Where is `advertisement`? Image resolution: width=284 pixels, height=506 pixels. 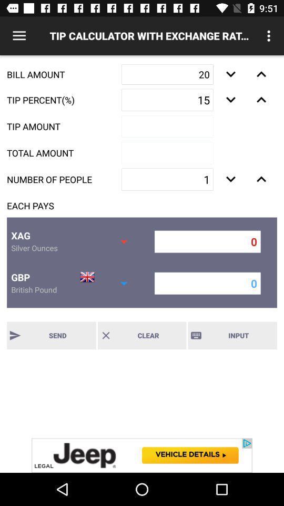
advertisement is located at coordinates (142, 455).